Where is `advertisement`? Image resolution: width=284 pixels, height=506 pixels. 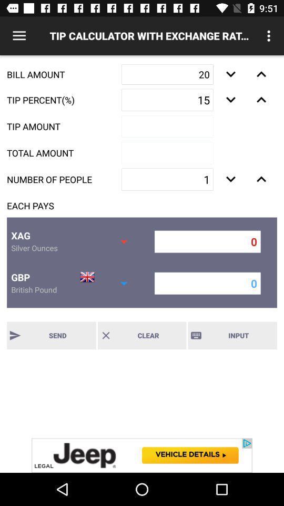
advertisement is located at coordinates (142, 455).